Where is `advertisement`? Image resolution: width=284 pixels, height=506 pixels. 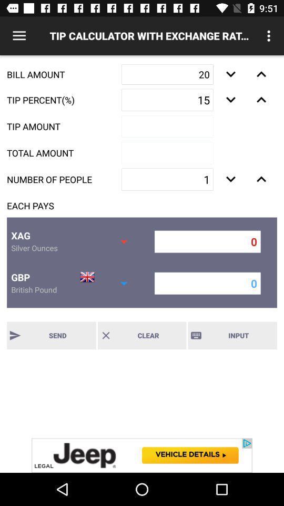
advertisement is located at coordinates (142, 455).